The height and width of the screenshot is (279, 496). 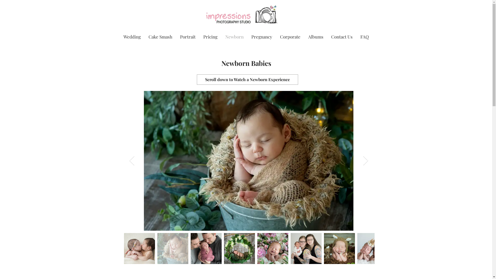 I want to click on 'Albums', so click(x=304, y=36).